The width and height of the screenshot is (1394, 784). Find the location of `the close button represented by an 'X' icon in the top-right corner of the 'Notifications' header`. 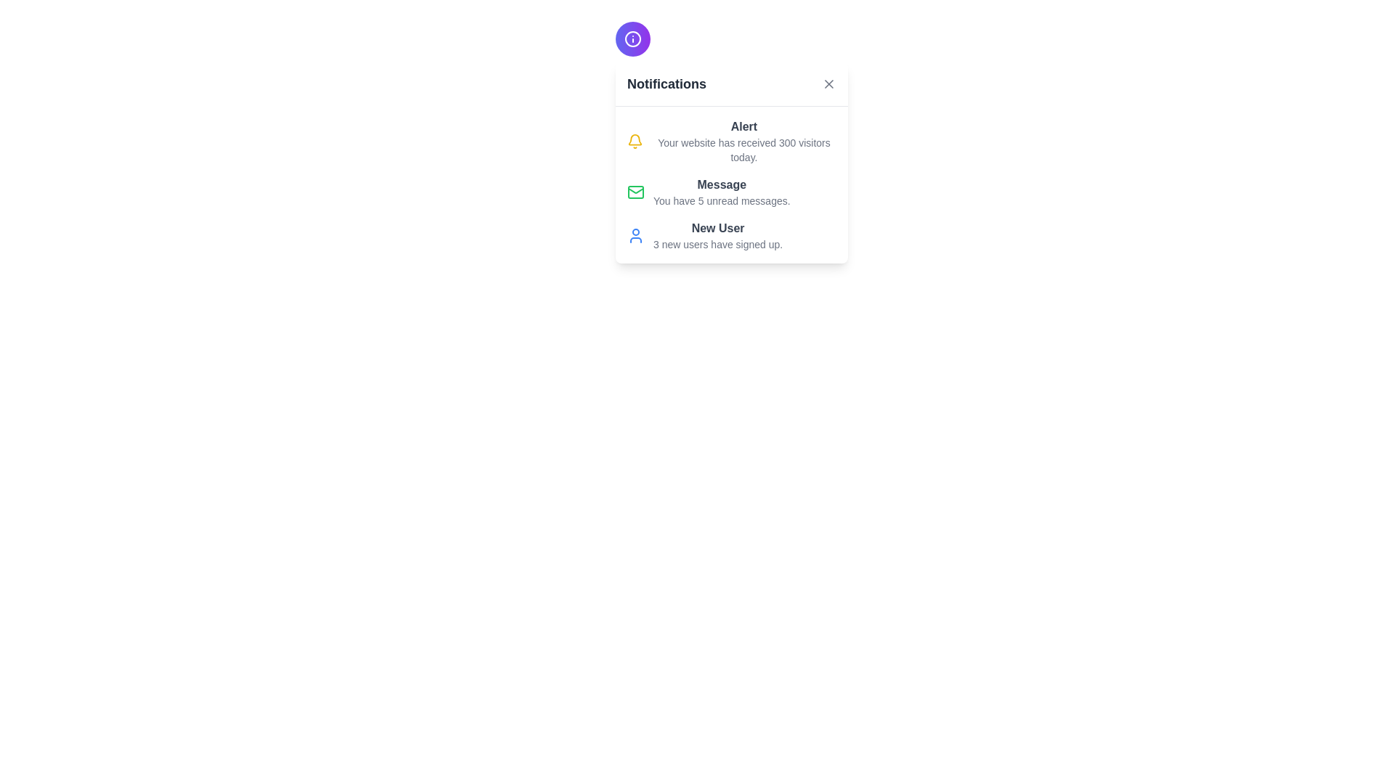

the close button represented by an 'X' icon in the top-right corner of the 'Notifications' header is located at coordinates (829, 83).